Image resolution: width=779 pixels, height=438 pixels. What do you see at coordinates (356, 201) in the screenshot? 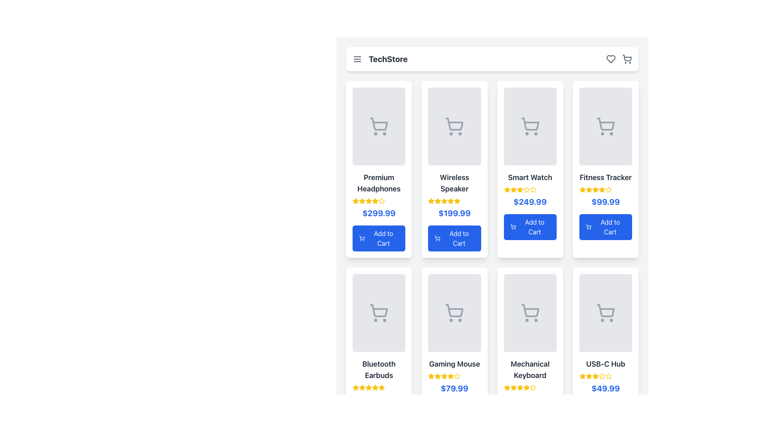
I see `the first star icon in the rating system for the 'Premium Headphones' product card to register a rating` at bounding box center [356, 201].